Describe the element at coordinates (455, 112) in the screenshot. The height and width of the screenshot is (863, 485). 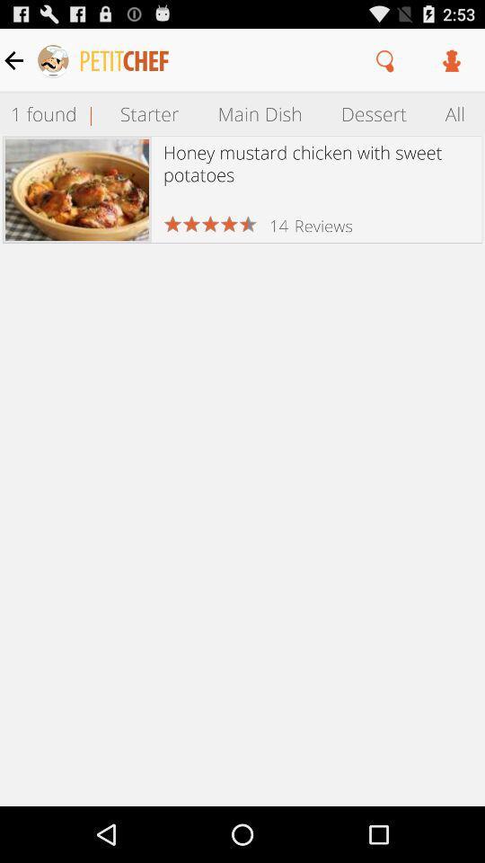
I see `all item` at that location.